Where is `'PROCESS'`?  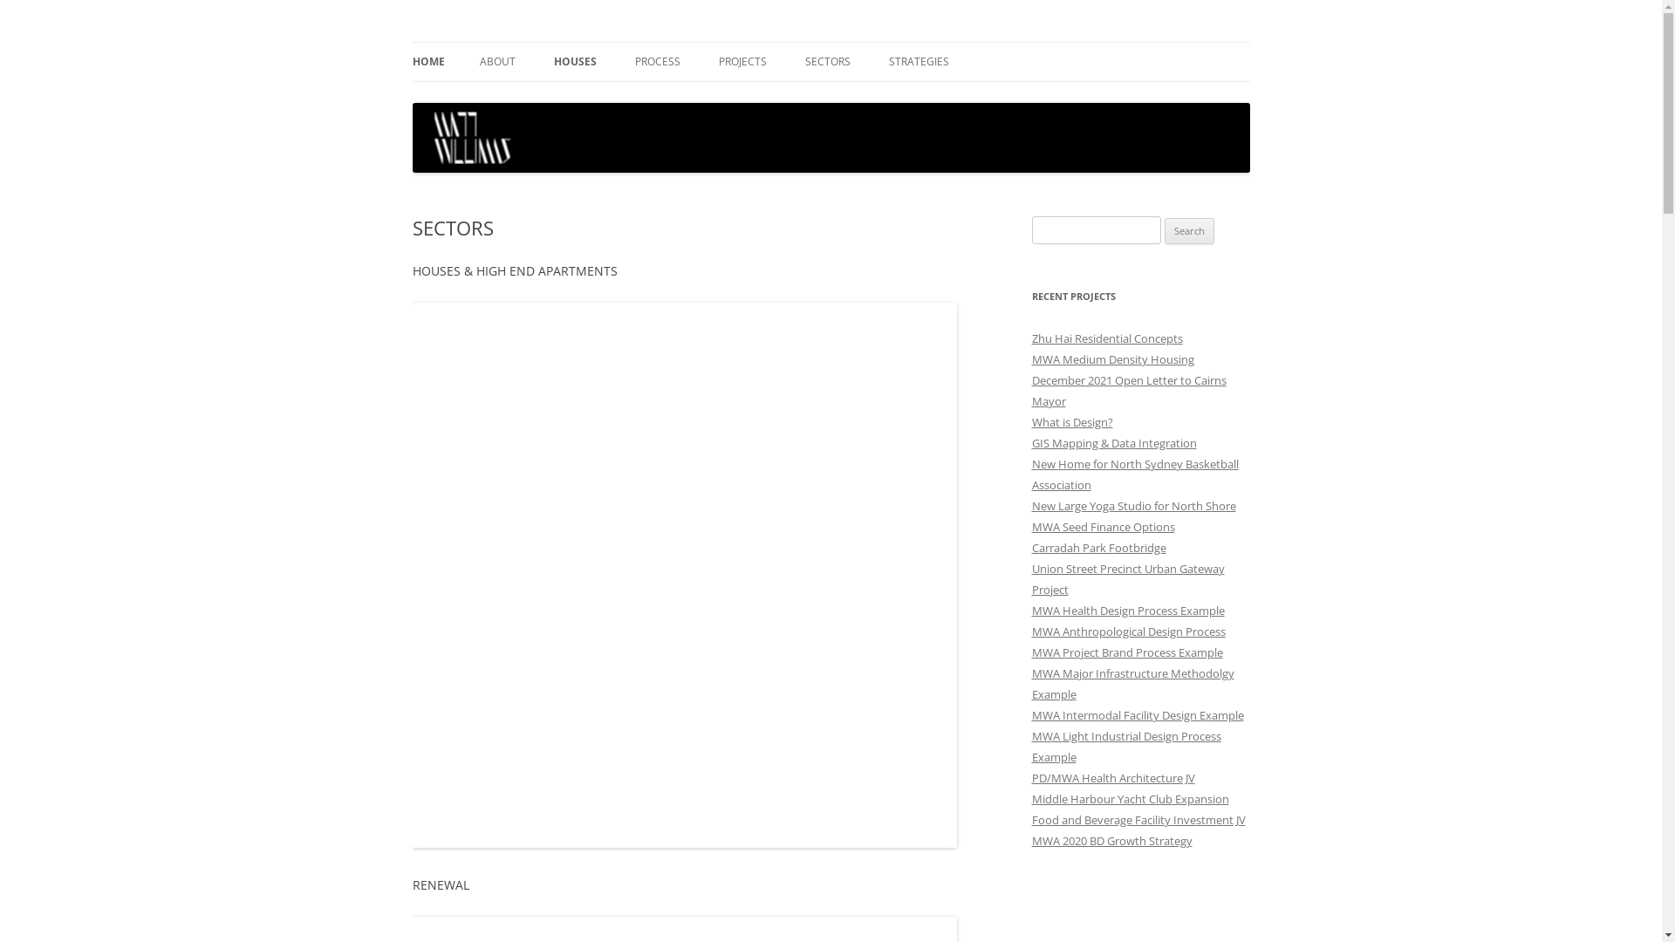 'PROCESS' is located at coordinates (656, 60).